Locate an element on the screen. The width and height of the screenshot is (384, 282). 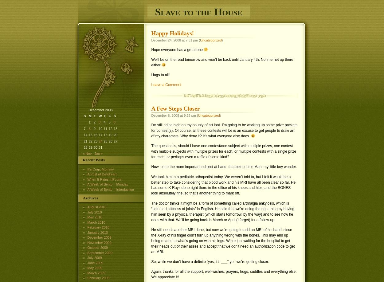
'Recent Posts' is located at coordinates (93, 160).